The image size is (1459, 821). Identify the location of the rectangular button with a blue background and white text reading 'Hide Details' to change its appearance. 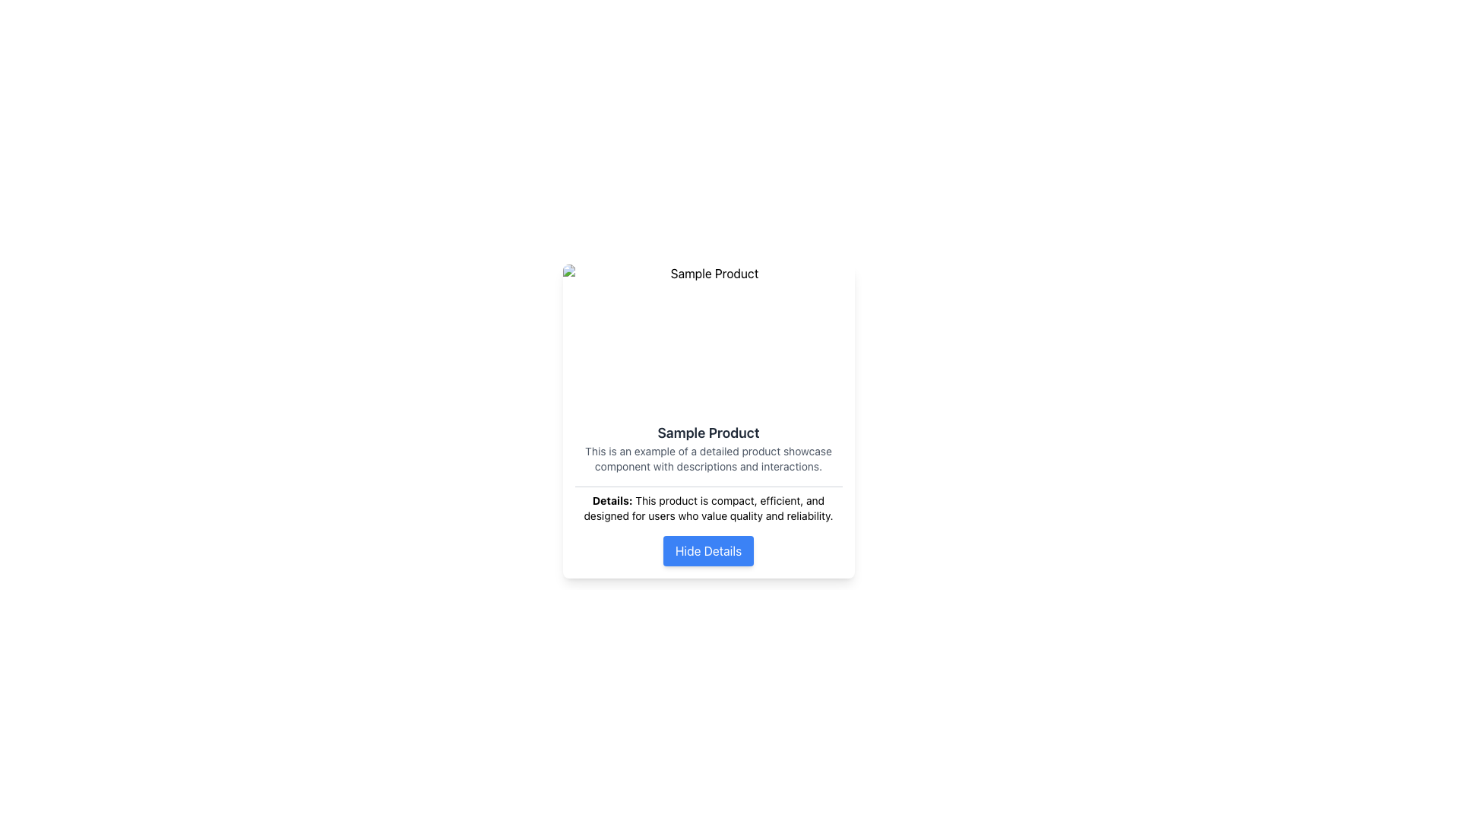
(707, 551).